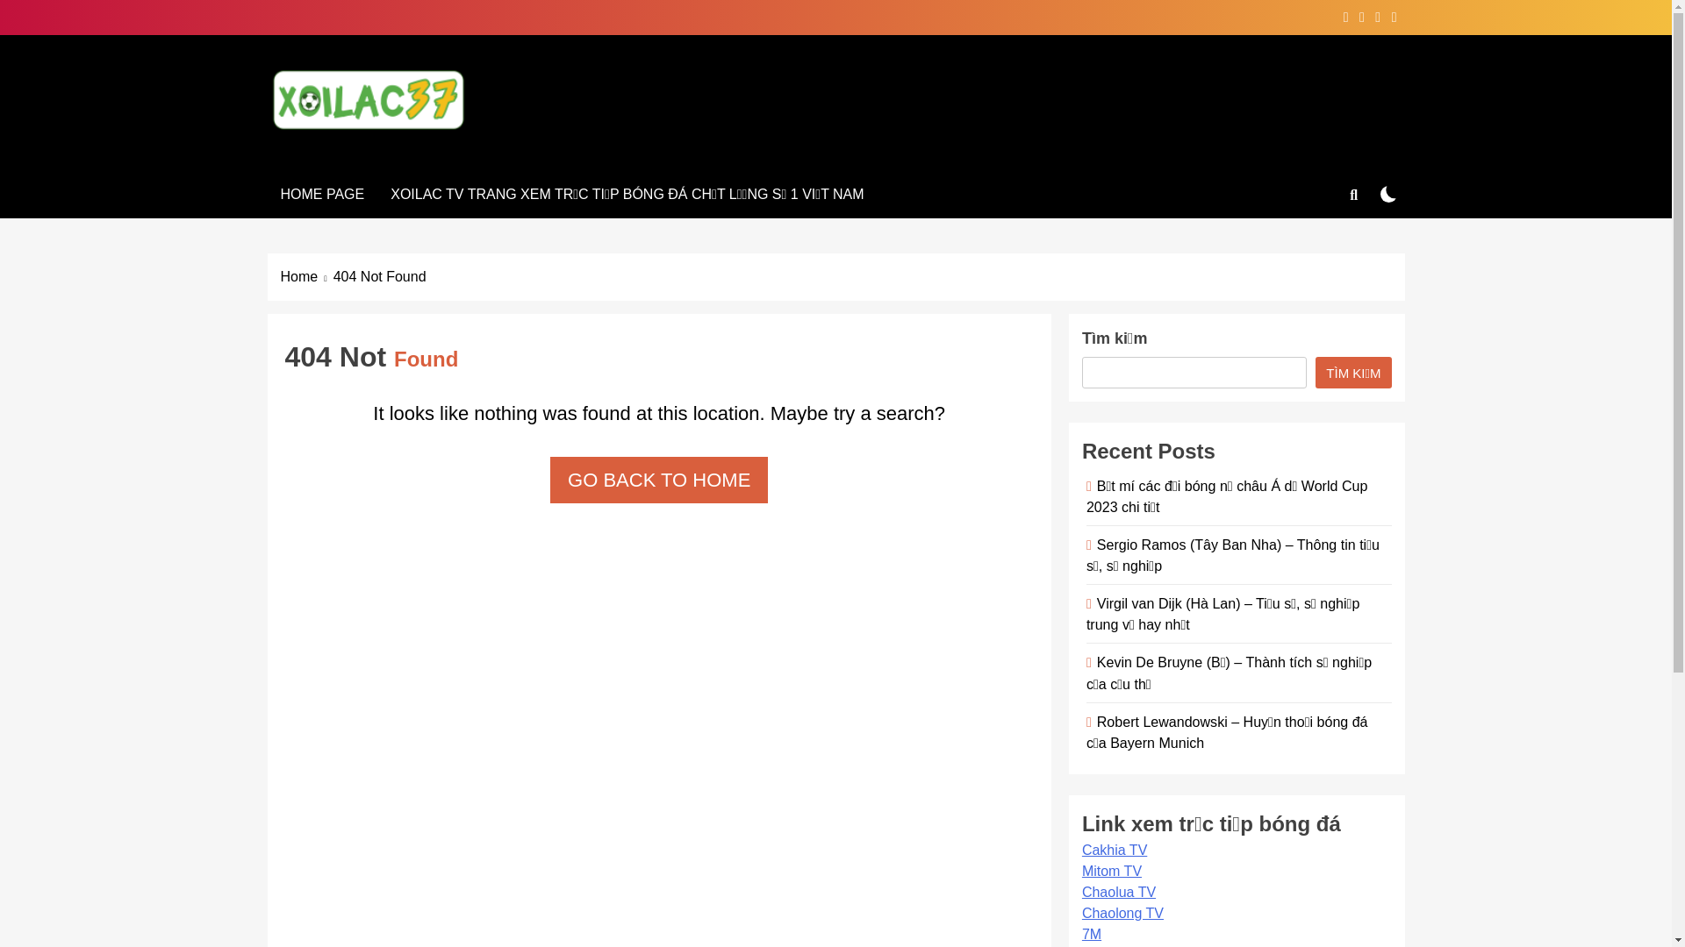 This screenshot has height=947, width=1685. I want to click on 'GO BACK TO HOME', so click(657, 480).